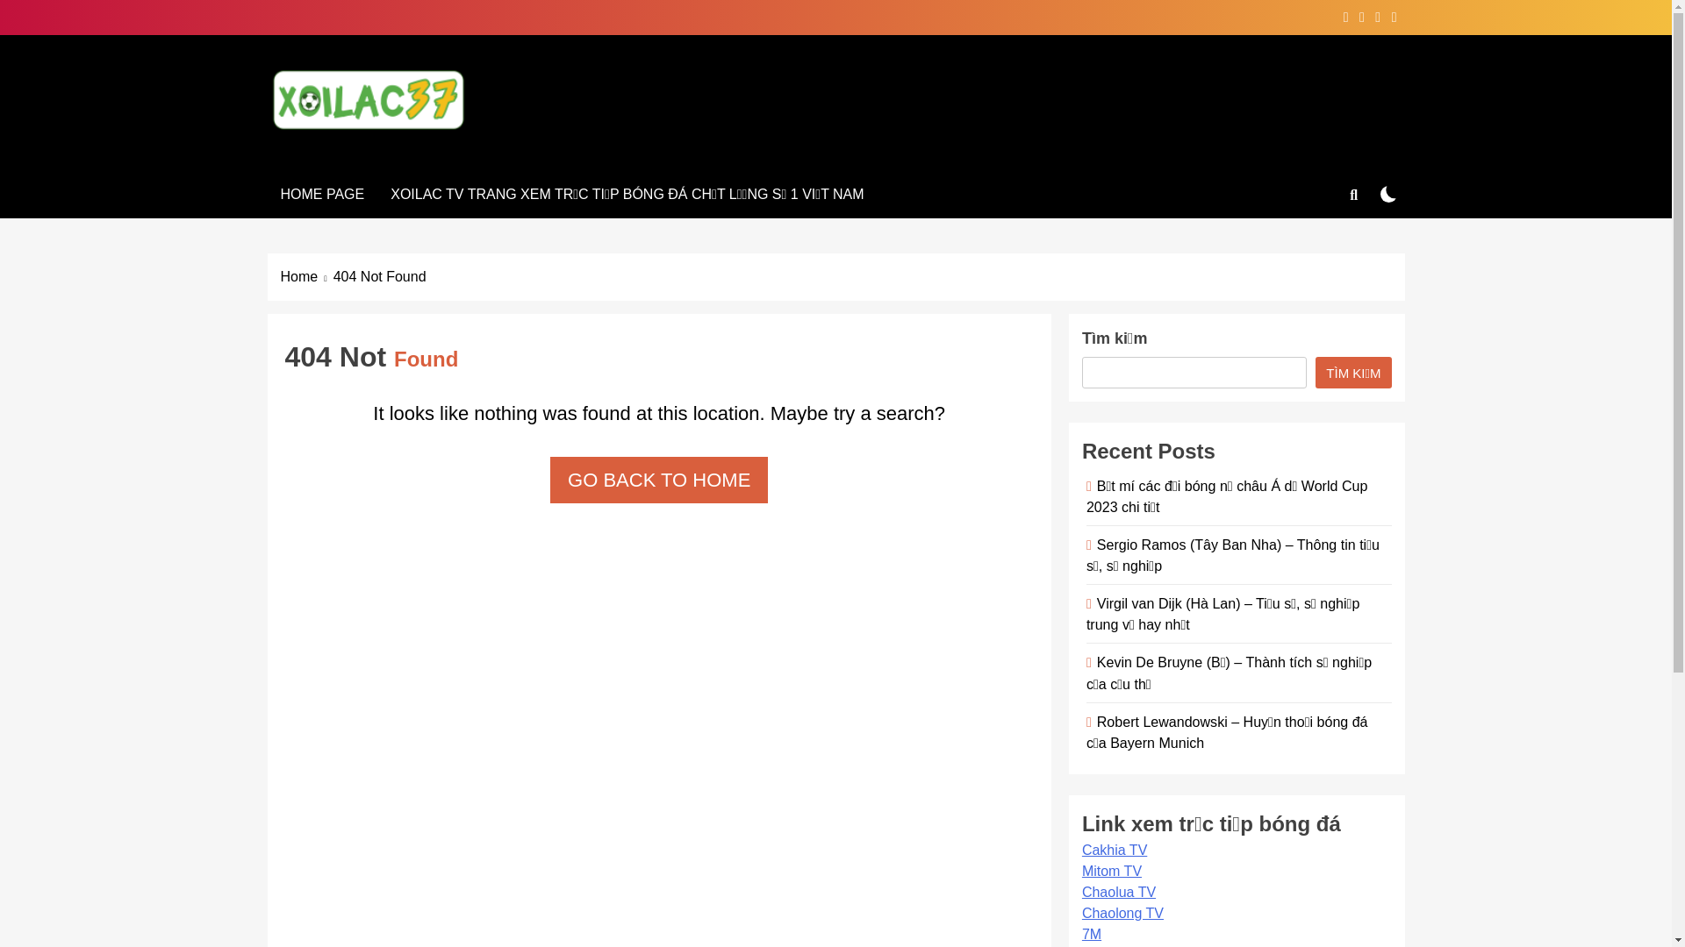 This screenshot has height=947, width=1685. I want to click on 'GO BACK TO HOME', so click(657, 480).